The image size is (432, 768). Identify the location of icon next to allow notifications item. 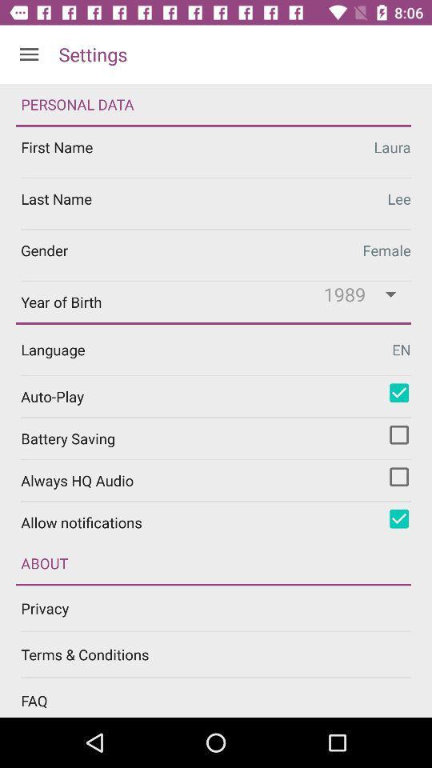
(398, 518).